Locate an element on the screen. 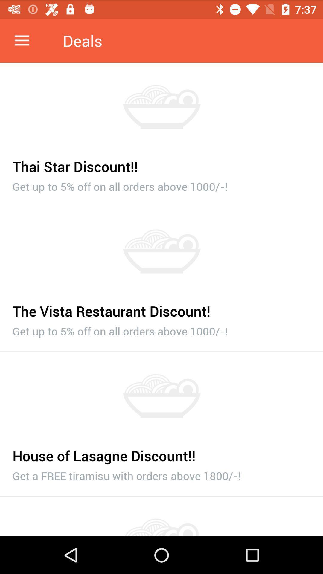 This screenshot has width=323, height=574. the item below get up to is located at coordinates (161, 352).